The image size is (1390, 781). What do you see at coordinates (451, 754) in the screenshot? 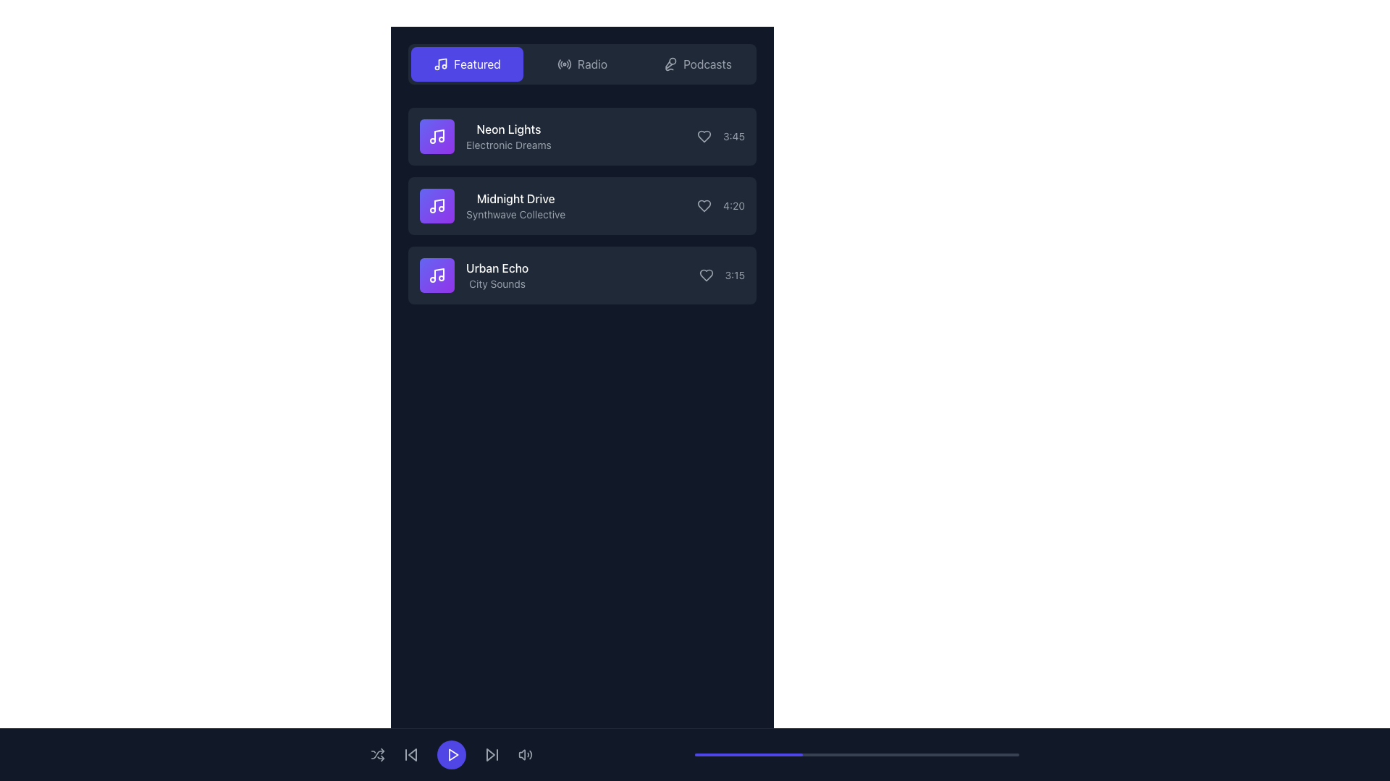
I see `the third button from the left in the bottom navigation bar to play media` at bounding box center [451, 754].